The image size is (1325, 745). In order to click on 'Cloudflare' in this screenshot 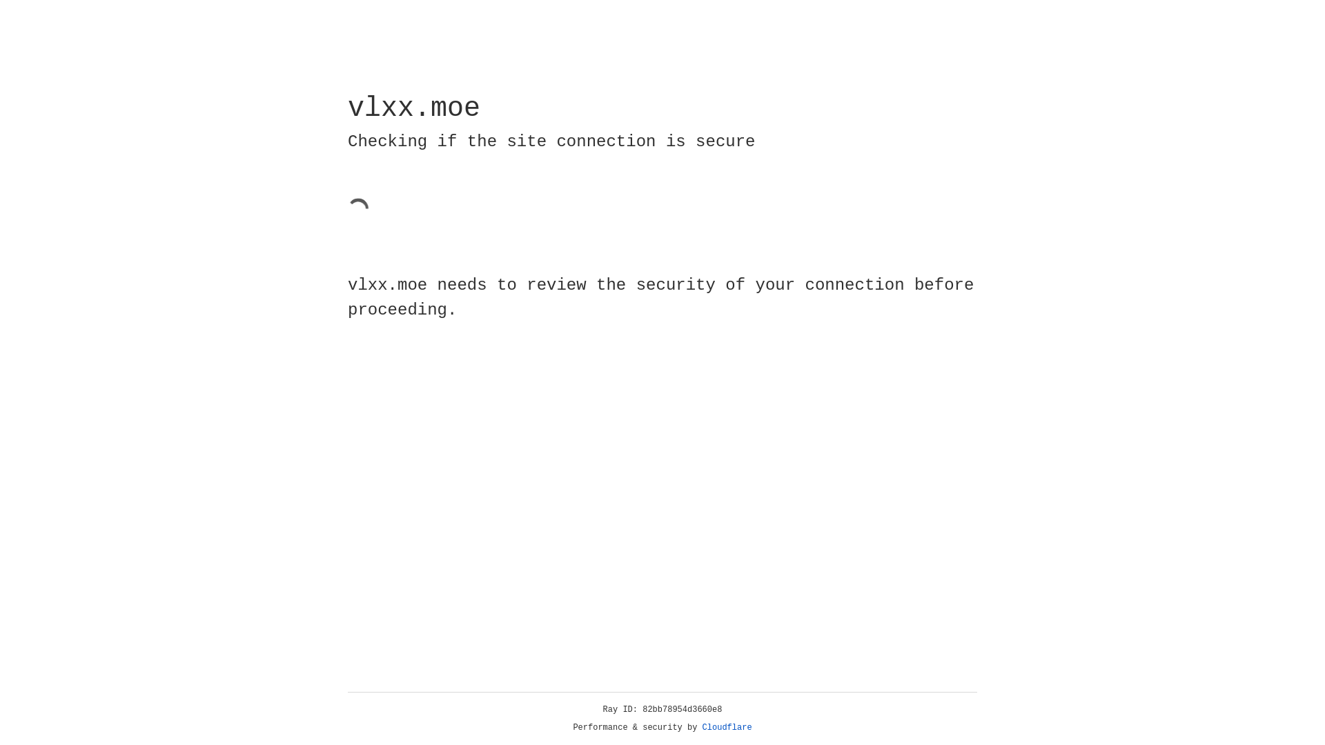, I will do `click(727, 727)`.